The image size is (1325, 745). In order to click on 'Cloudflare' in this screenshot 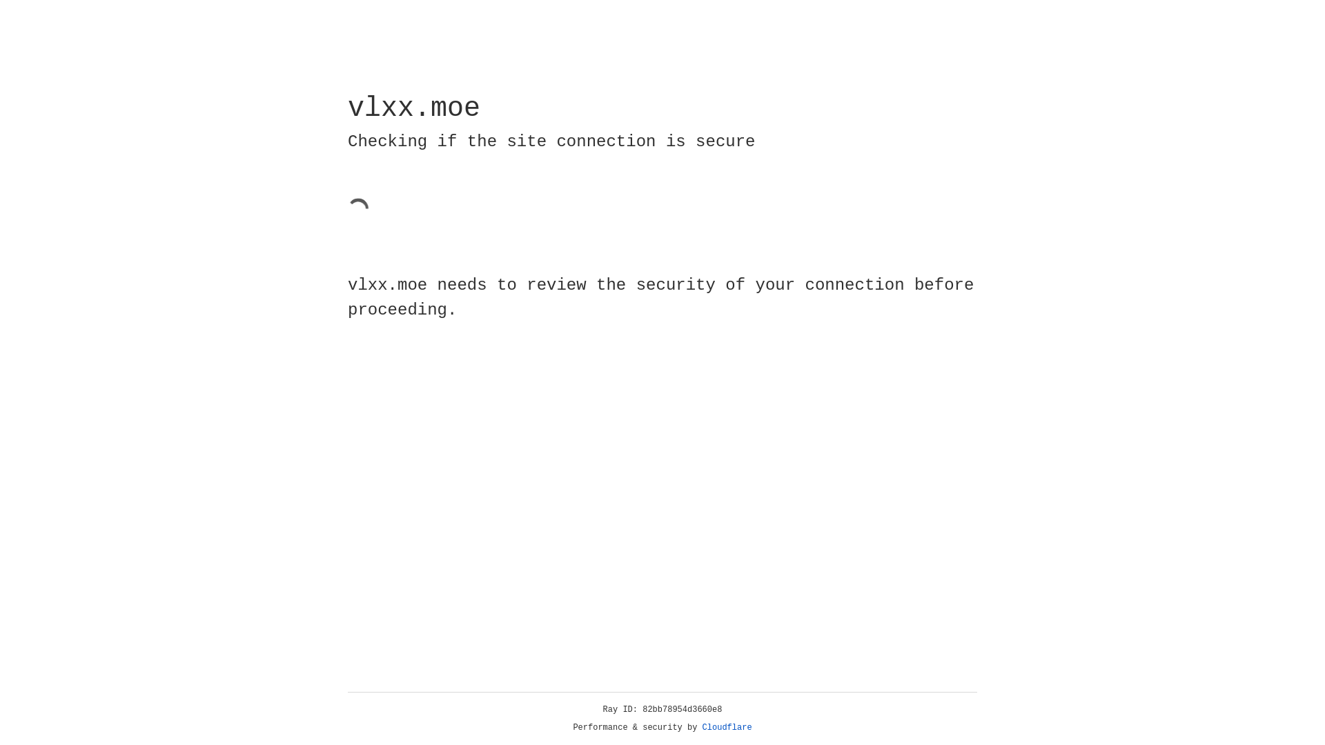, I will do `click(727, 727)`.